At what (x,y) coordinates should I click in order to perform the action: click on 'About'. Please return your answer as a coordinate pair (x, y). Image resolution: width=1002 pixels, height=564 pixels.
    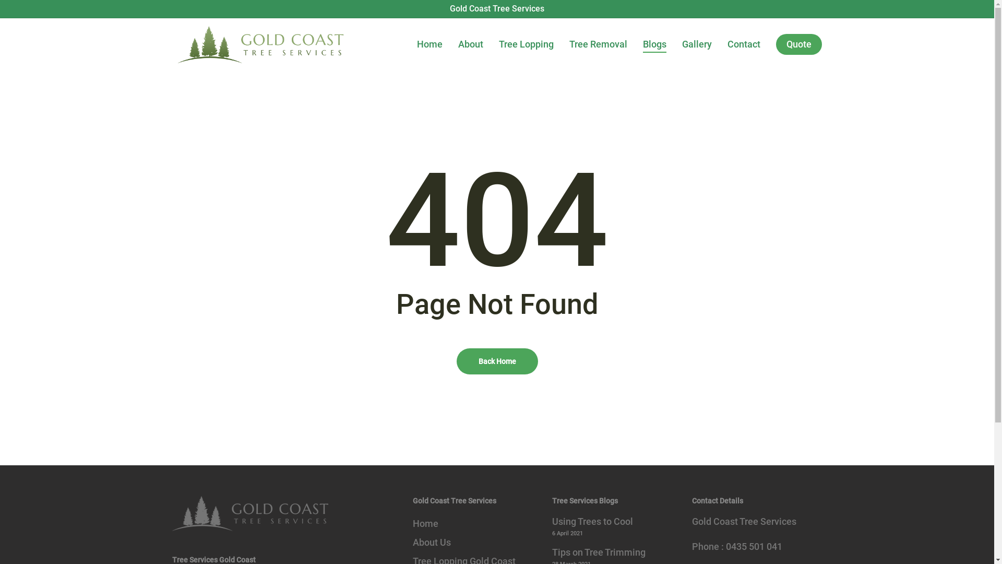
    Looking at the image, I should click on (470, 43).